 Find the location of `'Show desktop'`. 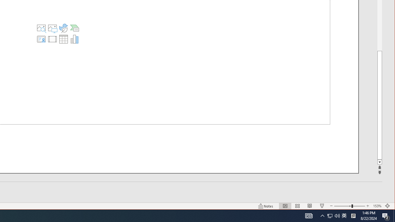

'Show desktop' is located at coordinates (394, 215).